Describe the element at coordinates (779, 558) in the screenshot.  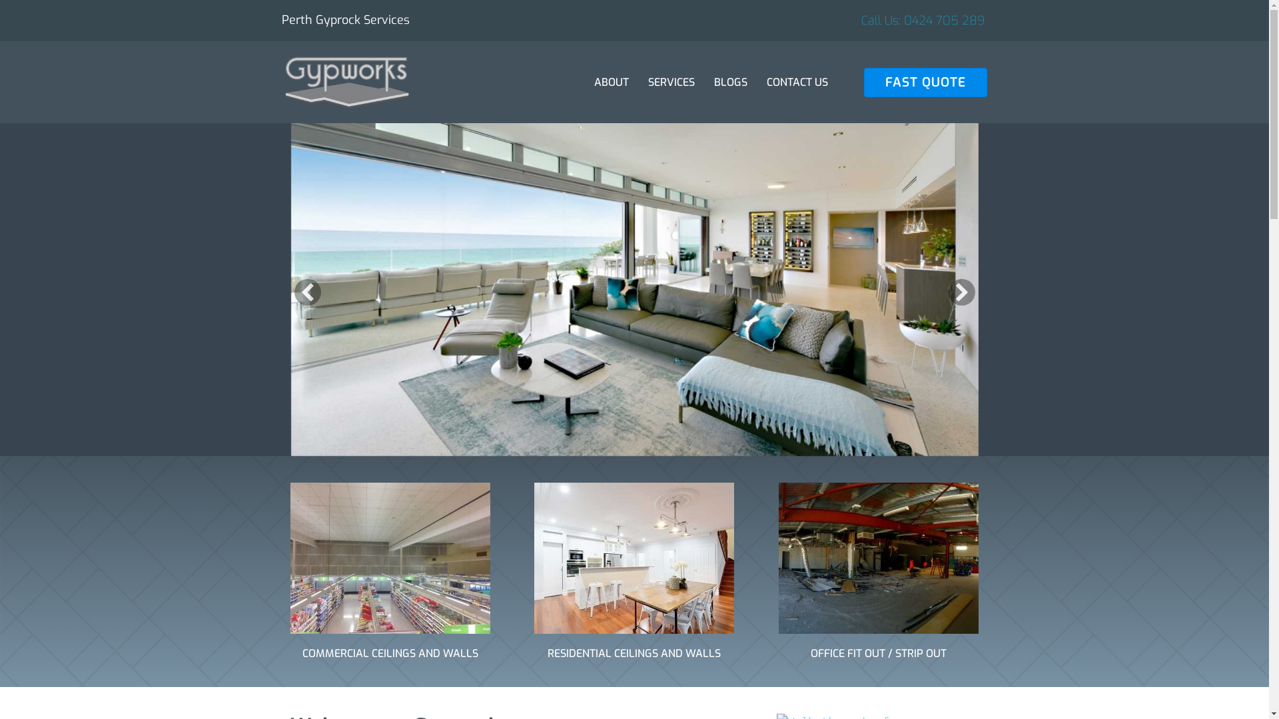
I see `'fcacbf0890f5556ac7156678fe834ebf'` at that location.